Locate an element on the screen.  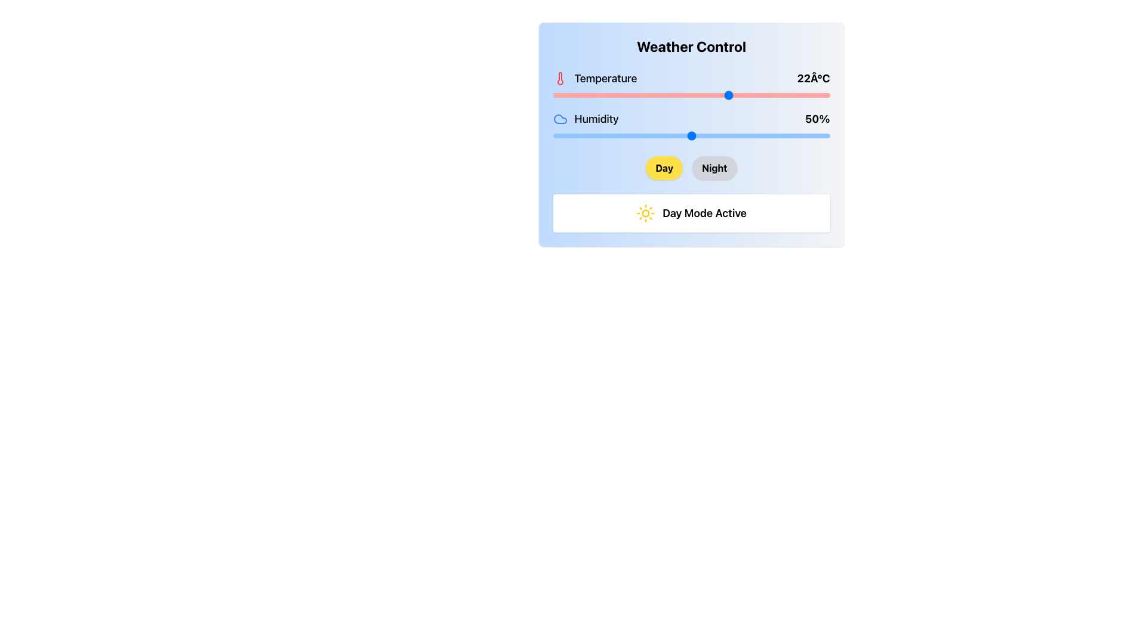
the humidity slider is located at coordinates (710, 135).